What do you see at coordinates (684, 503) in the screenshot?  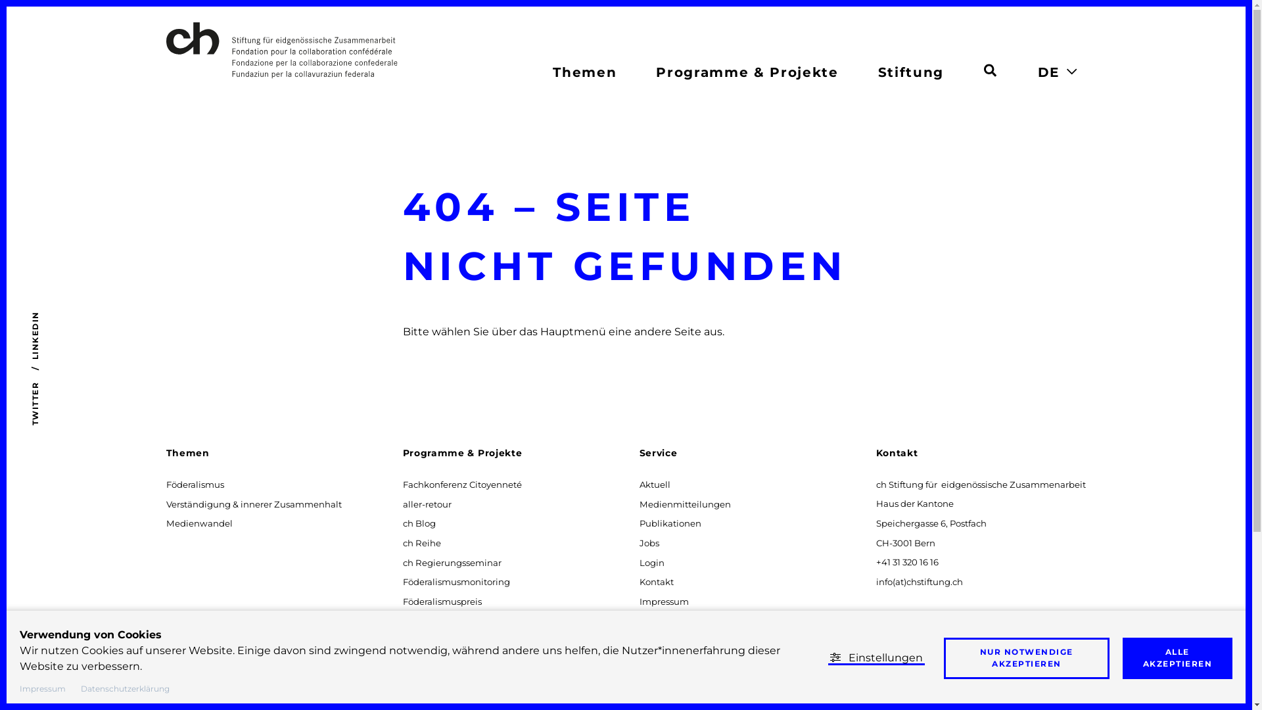 I see `'Medienmitteilungen'` at bounding box center [684, 503].